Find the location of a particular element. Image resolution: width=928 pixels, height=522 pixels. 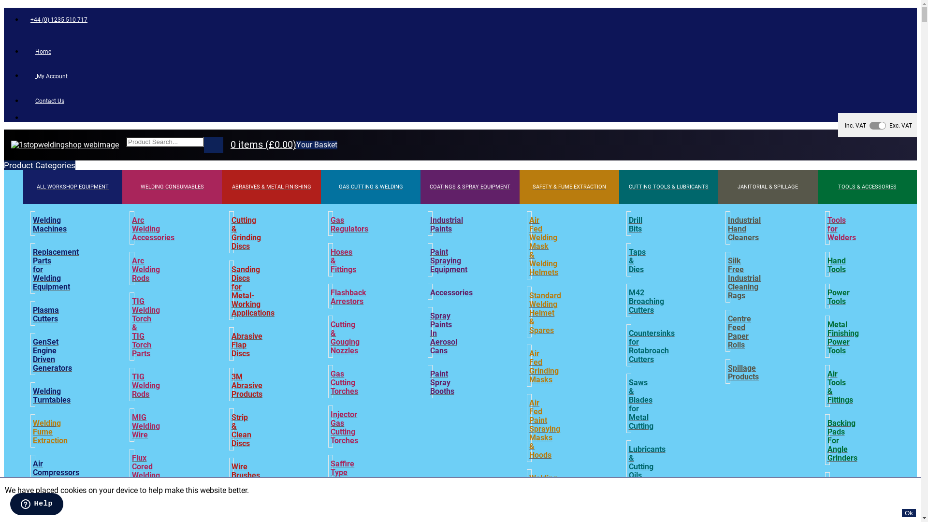

'MIG Welding Wire' is located at coordinates (145, 426).